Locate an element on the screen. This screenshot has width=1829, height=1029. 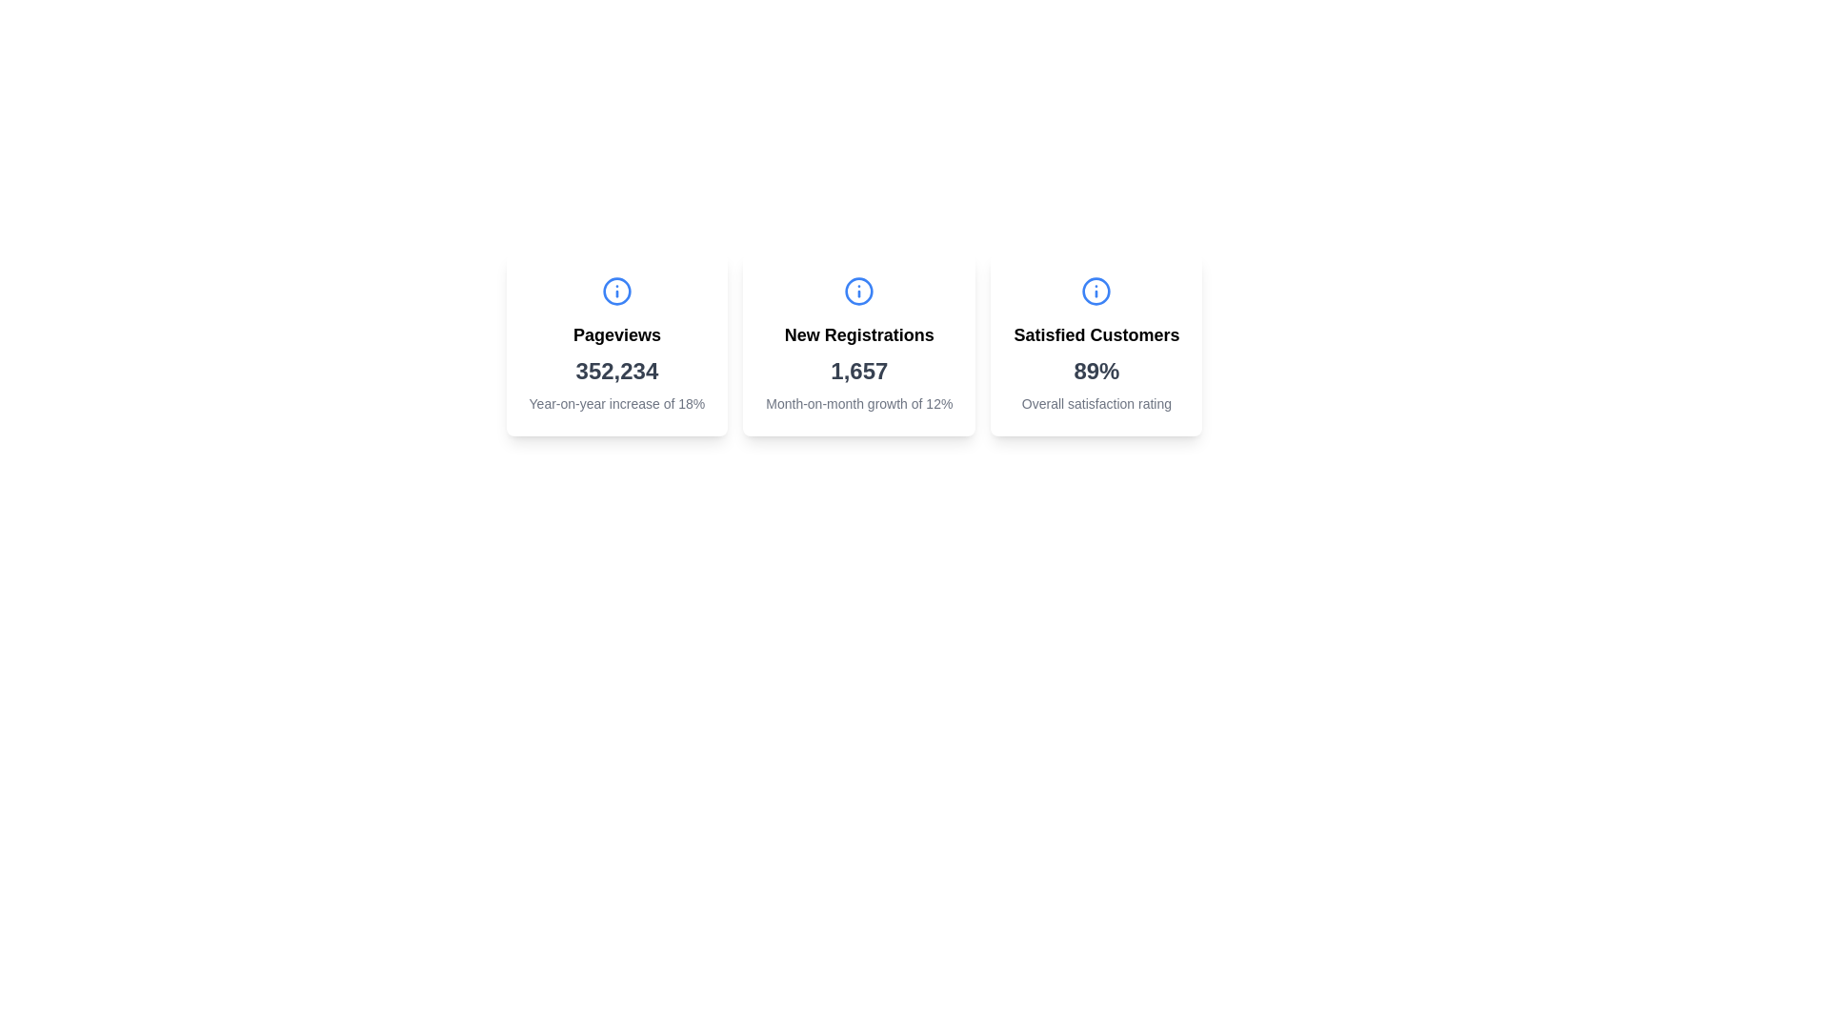
the Informational Card that displays satisfaction ratings, located as the third card in a horizontal row of three cards is located at coordinates (1096, 345).